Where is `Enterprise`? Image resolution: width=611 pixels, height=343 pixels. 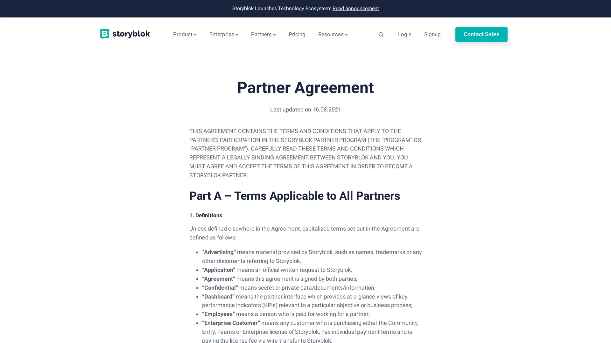 Enterprise is located at coordinates (224, 34).